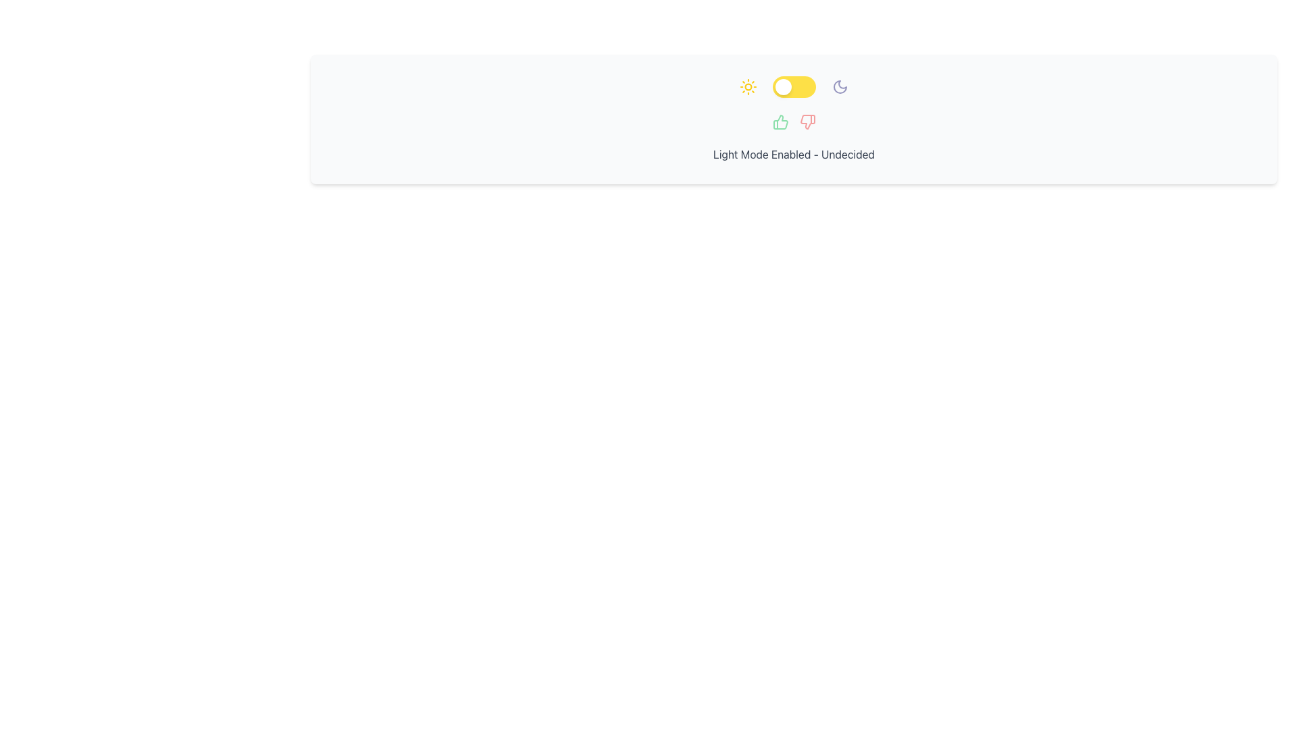  Describe the element at coordinates (807, 122) in the screenshot. I see `the red thumb-down icon to provide negative feedback, which is located to the right of the green thumbs-up icon in the bottom half of the header` at that location.